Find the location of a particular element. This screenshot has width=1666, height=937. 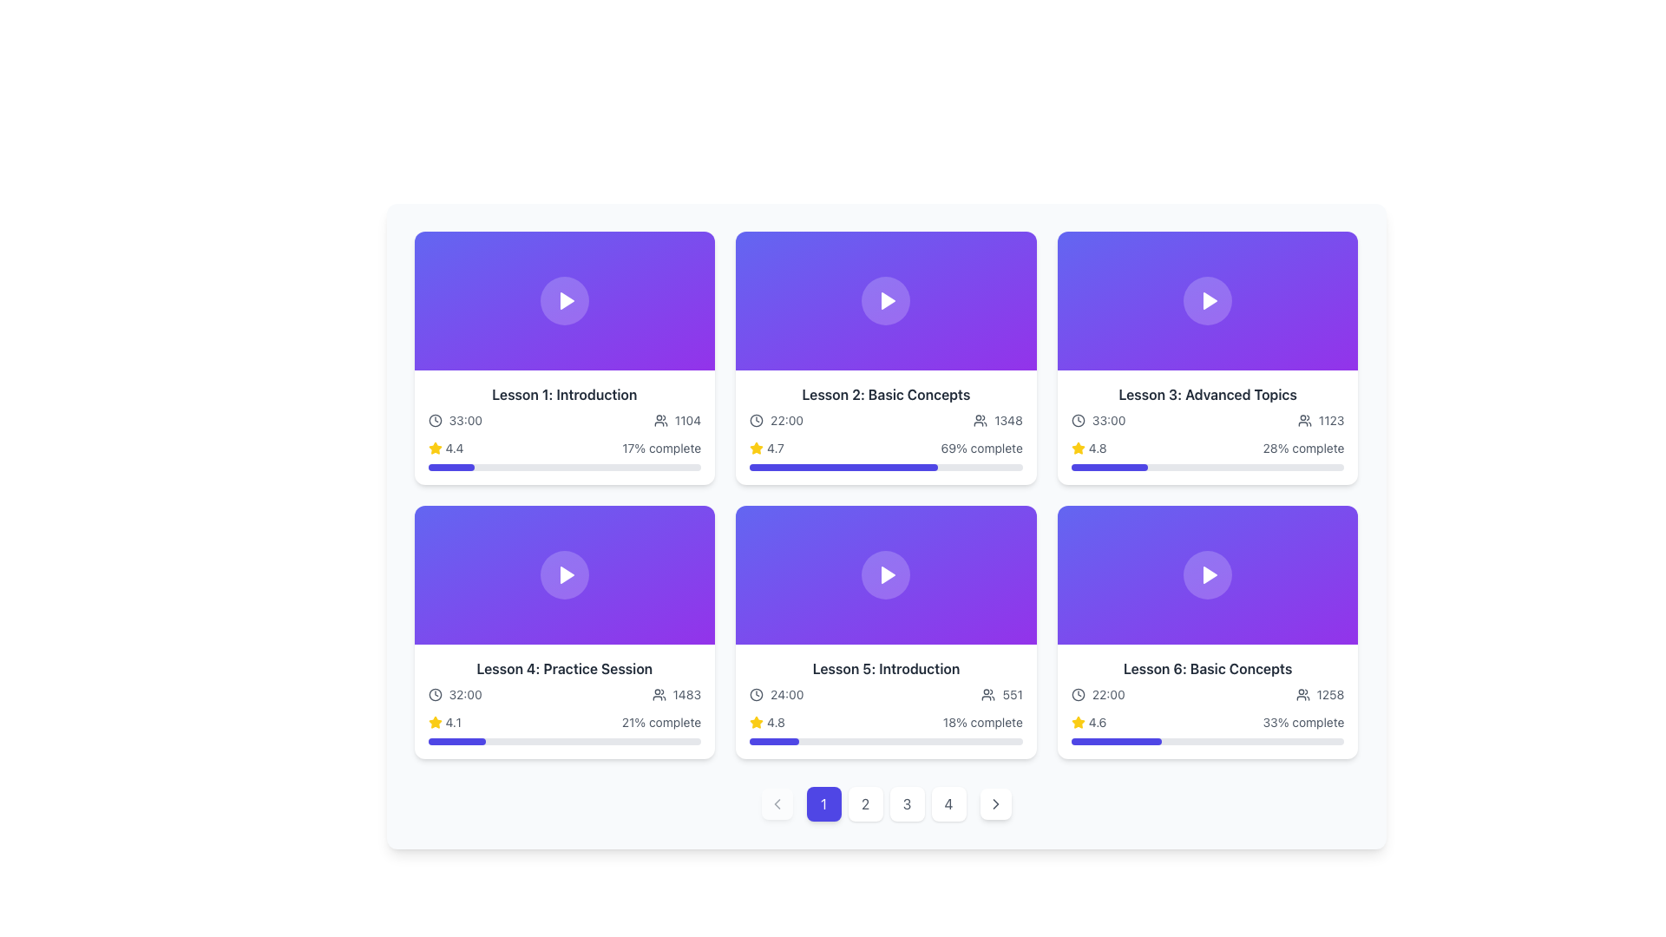

the horizontal progress bar located in the third card from the left in the top row, beneath the text '28% complete' associated with 'Lesson 3: Advanced Topics' is located at coordinates (1207, 467).